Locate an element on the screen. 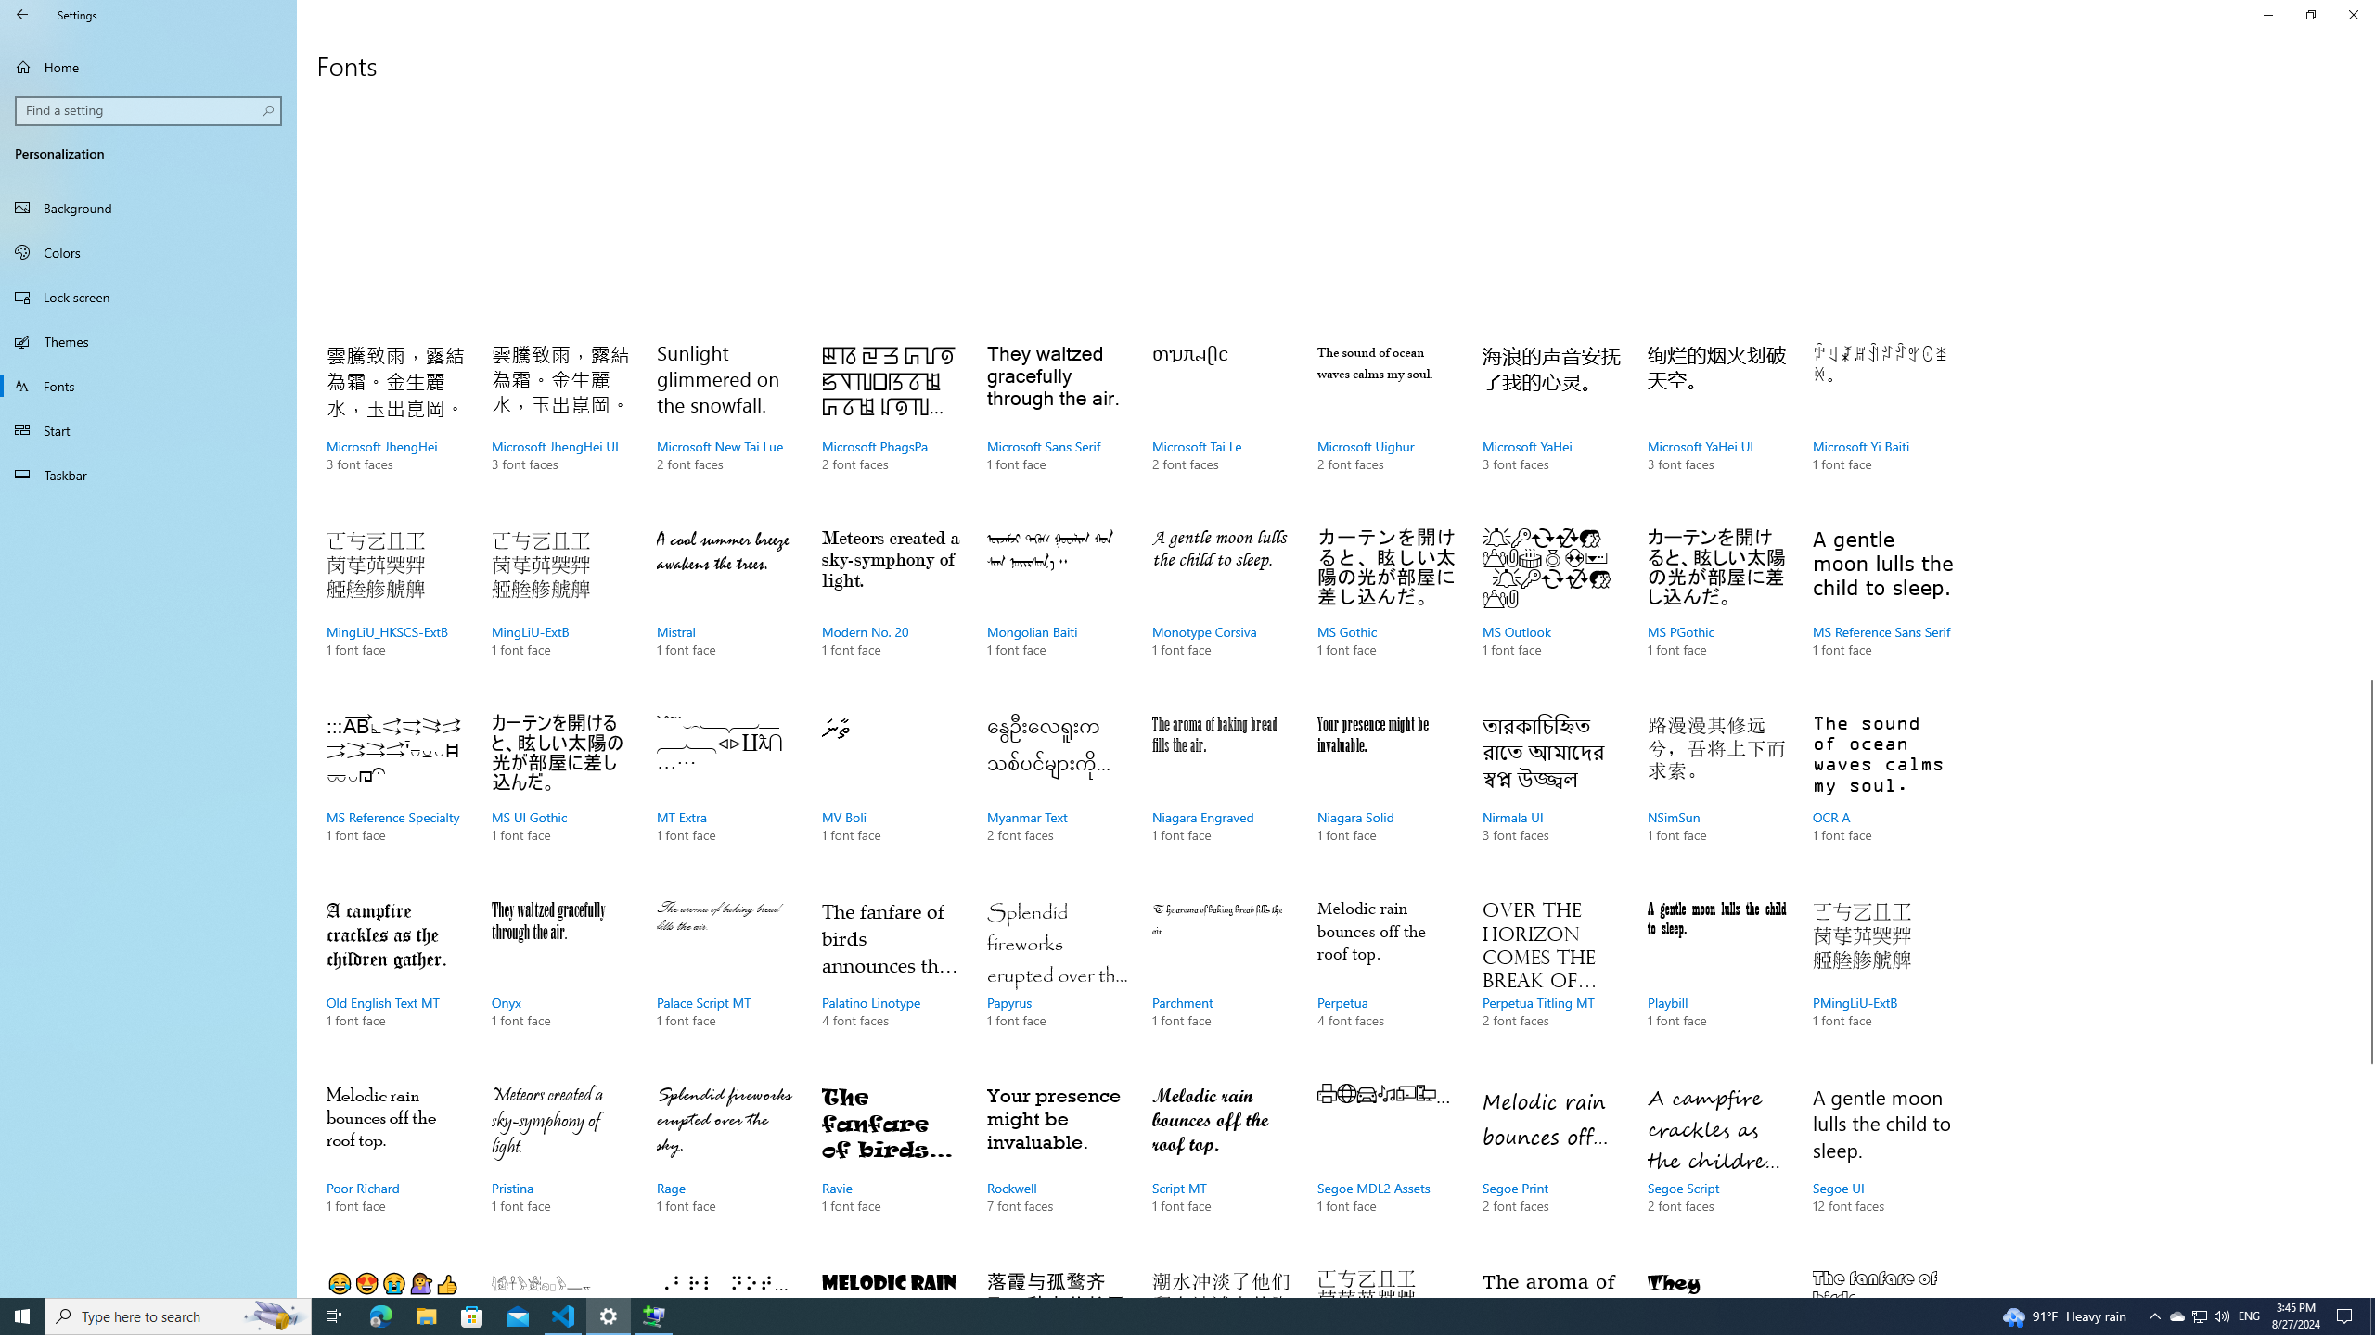  'Rage, 1 font face' is located at coordinates (725, 1168).